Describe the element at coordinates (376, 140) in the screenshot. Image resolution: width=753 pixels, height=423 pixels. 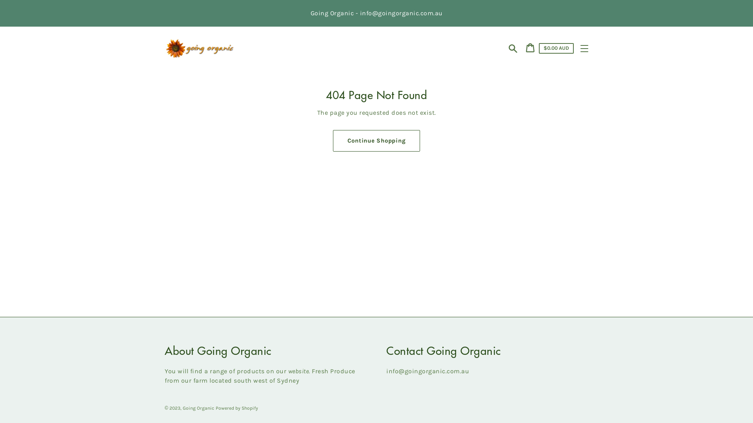
I see `'Continue Shopping'` at that location.